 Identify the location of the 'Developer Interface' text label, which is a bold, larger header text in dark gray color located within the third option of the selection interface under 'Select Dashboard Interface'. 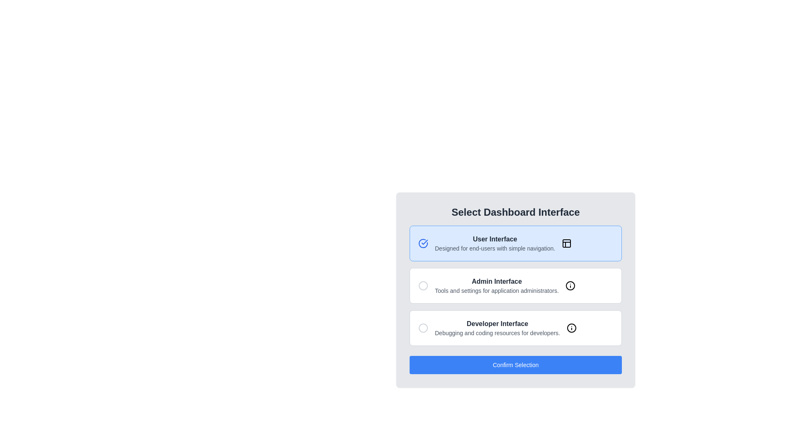
(498, 323).